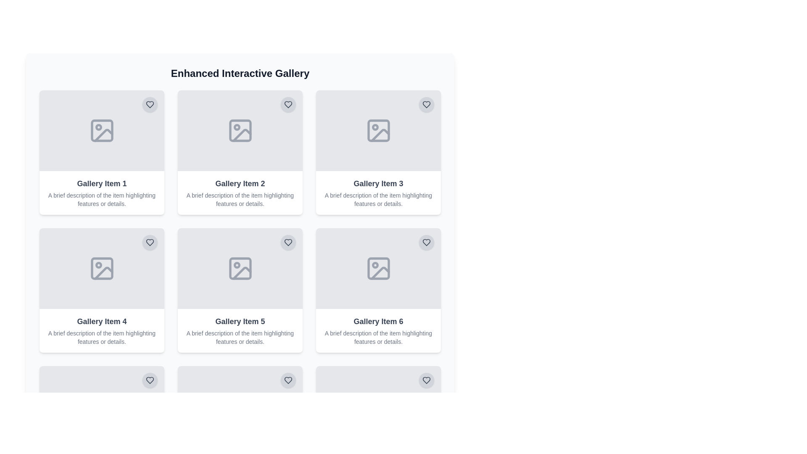  What do you see at coordinates (288, 243) in the screenshot?
I see `the heart-shaped favorite button located in the top-right corner of the 'Gallery Item 5' card to mark the item as favorite` at bounding box center [288, 243].